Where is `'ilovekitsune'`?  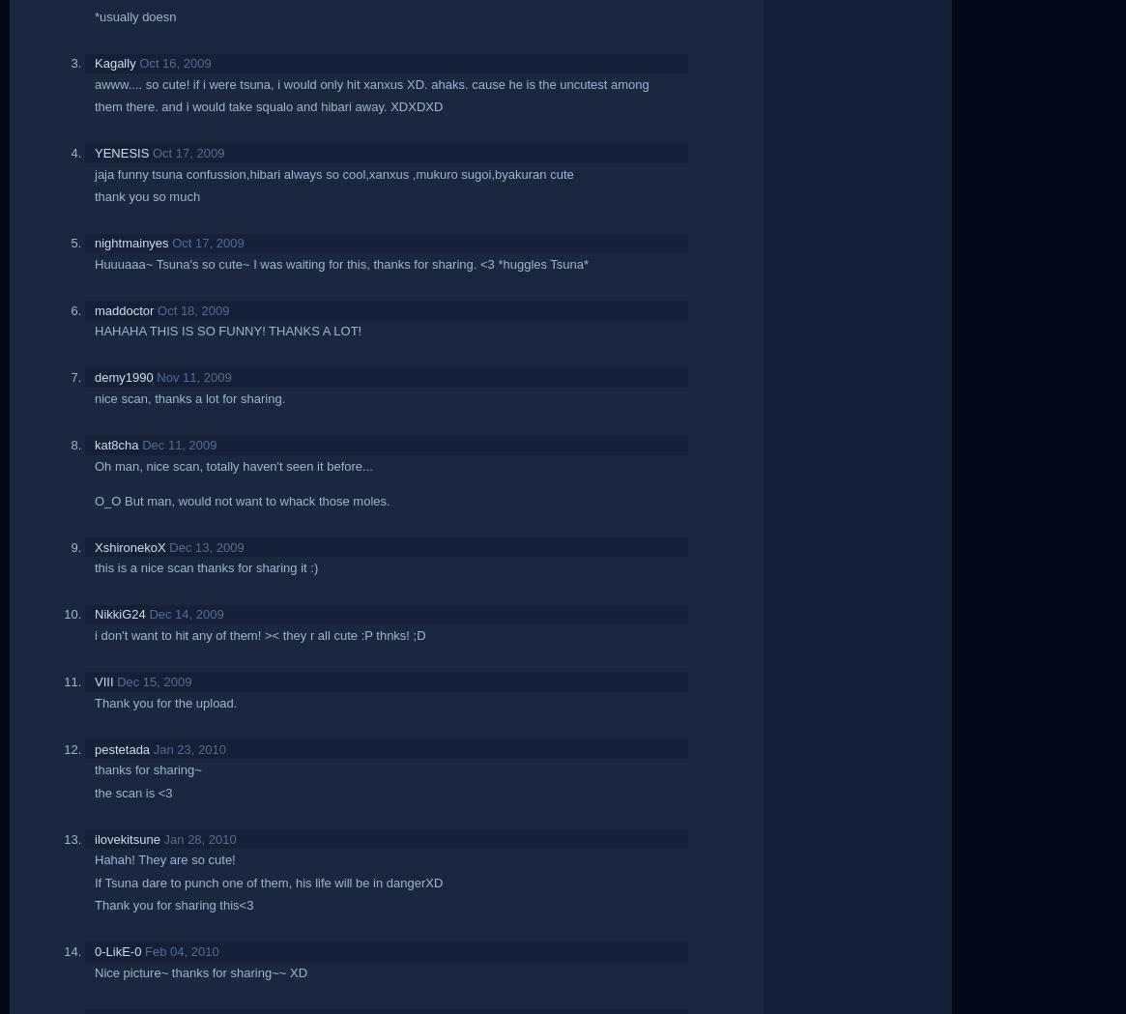
'ilovekitsune' is located at coordinates (127, 838).